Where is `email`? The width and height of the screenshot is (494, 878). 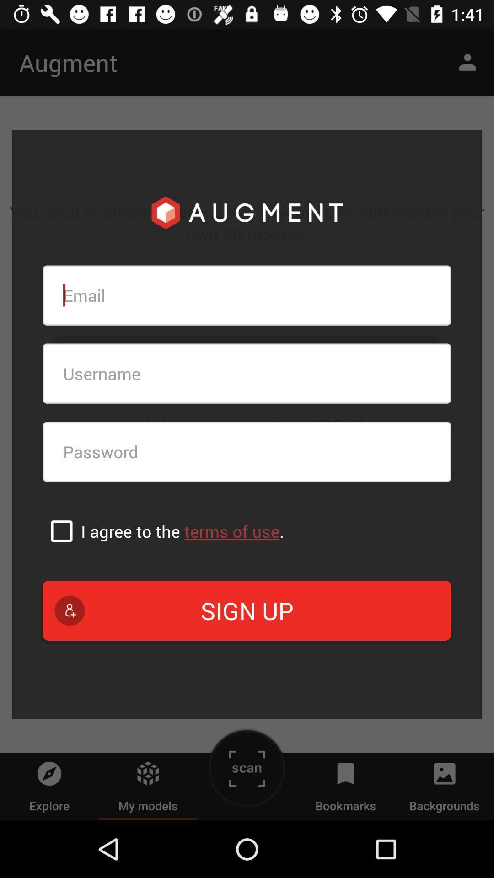 email is located at coordinates (247, 295).